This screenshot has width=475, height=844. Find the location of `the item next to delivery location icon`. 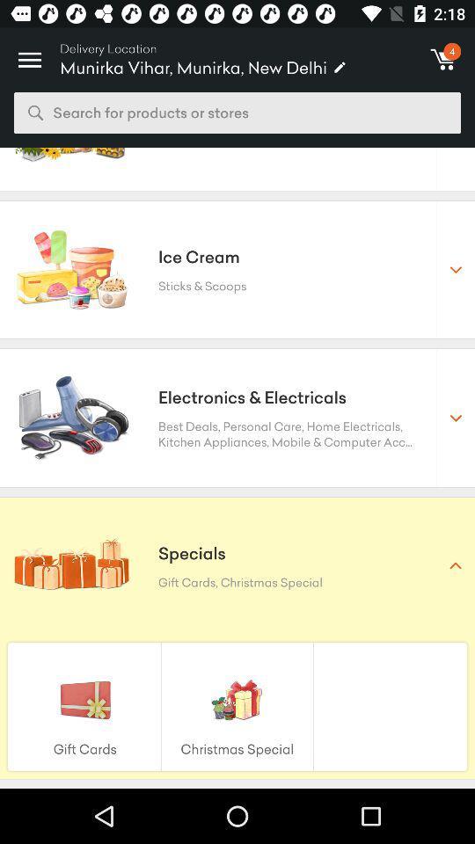

the item next to delivery location icon is located at coordinates (29, 55).